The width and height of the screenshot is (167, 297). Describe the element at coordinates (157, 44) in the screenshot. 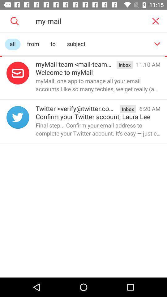

I see `item to the right of subject icon` at that location.